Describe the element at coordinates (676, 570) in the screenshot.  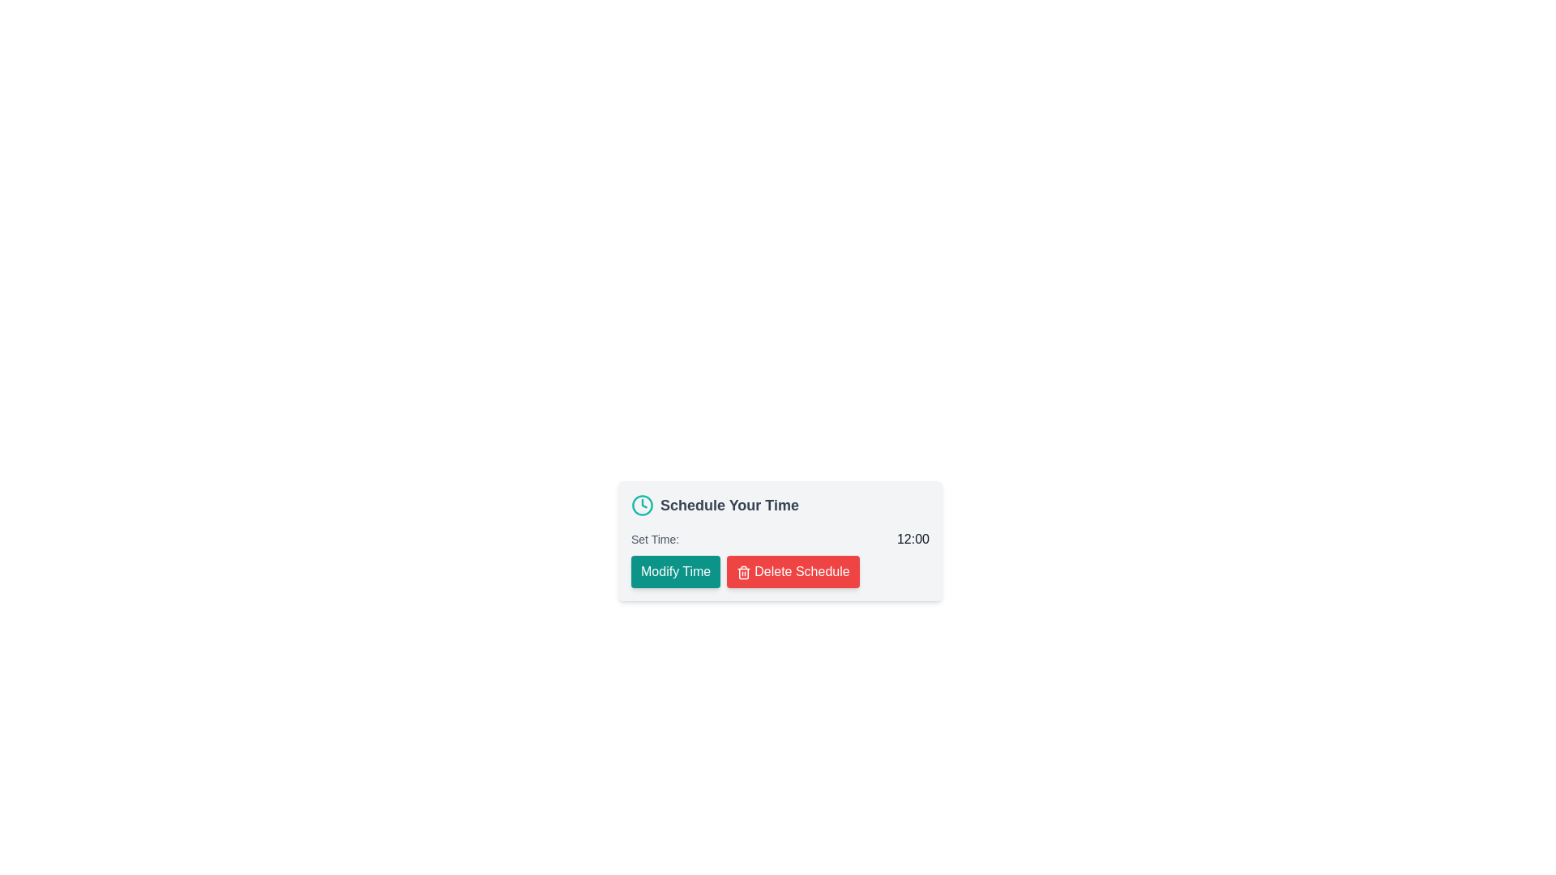
I see `the rectangular green button with white bold text saying 'Modify Time'` at that location.